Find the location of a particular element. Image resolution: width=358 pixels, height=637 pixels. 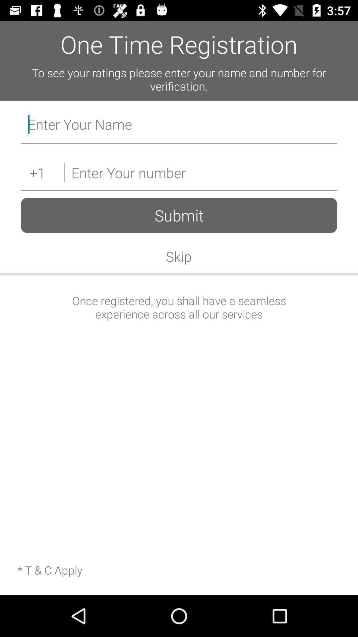

the submit item is located at coordinates (179, 215).